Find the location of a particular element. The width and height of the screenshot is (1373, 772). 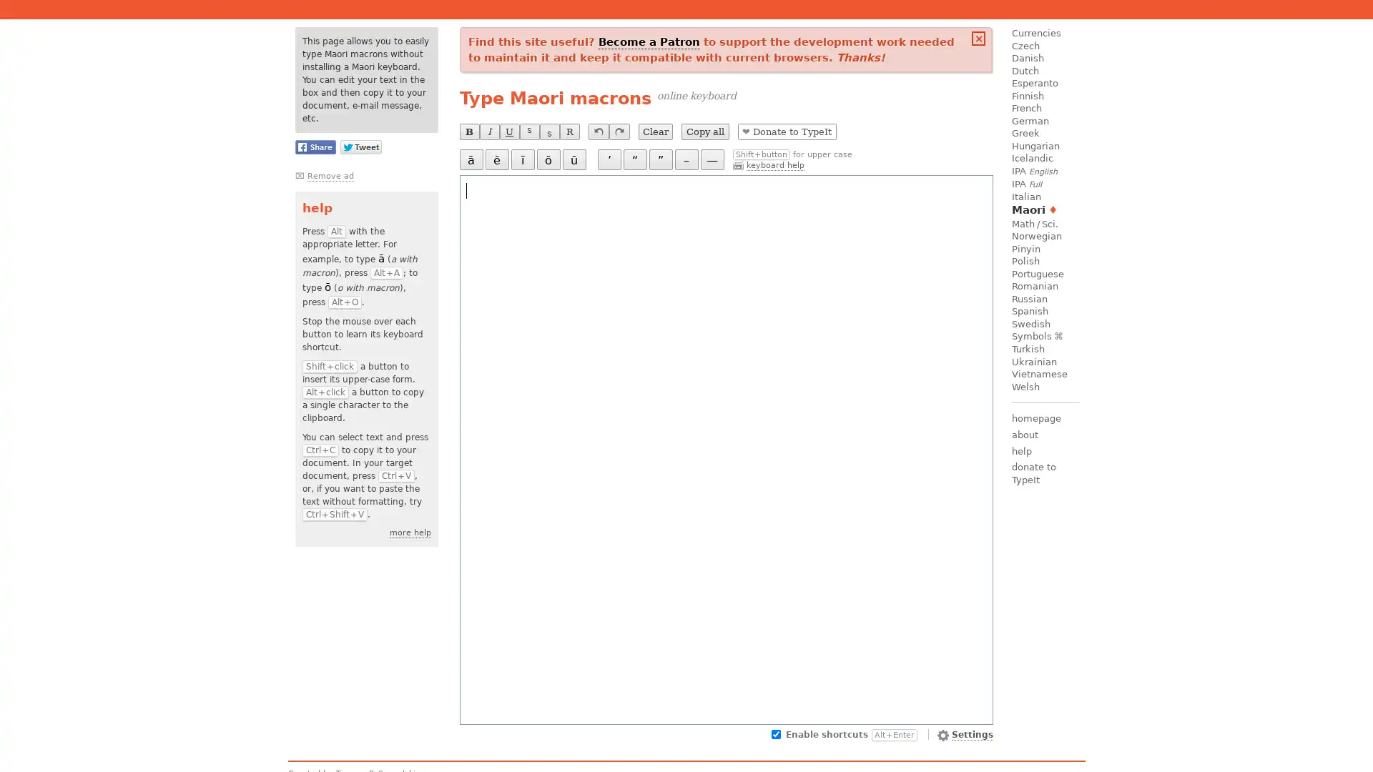

undo last operation (Ctrl+Z) is located at coordinates (598, 132).